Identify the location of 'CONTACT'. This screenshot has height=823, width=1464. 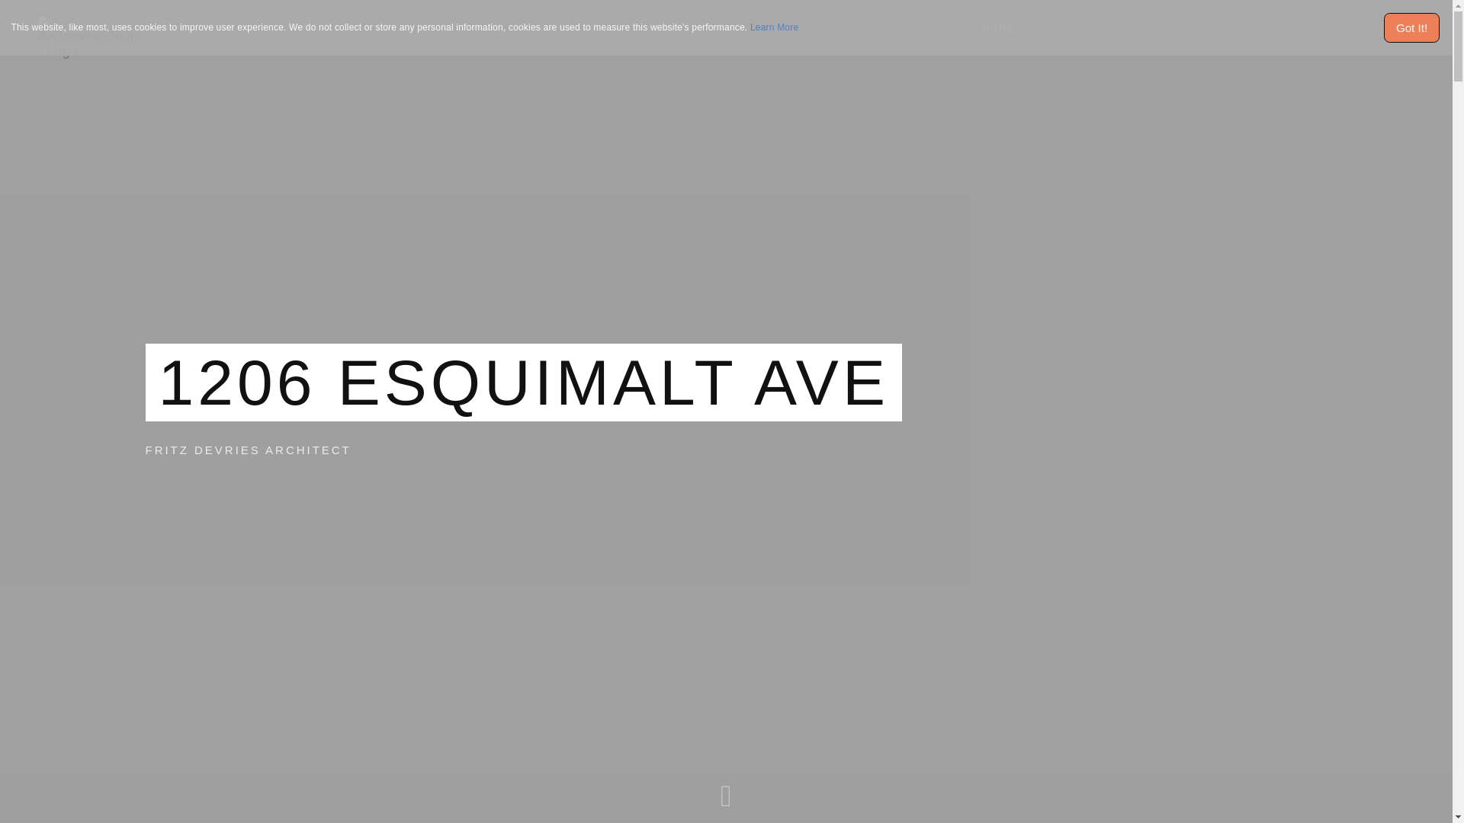
(1339, 28).